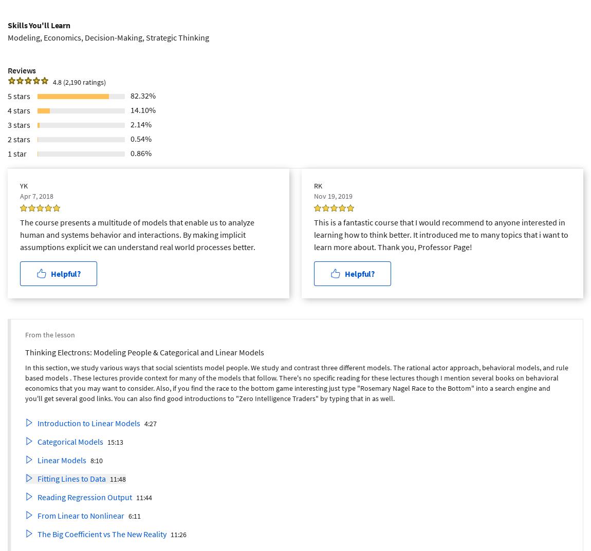  I want to click on '3 stars', so click(19, 123).